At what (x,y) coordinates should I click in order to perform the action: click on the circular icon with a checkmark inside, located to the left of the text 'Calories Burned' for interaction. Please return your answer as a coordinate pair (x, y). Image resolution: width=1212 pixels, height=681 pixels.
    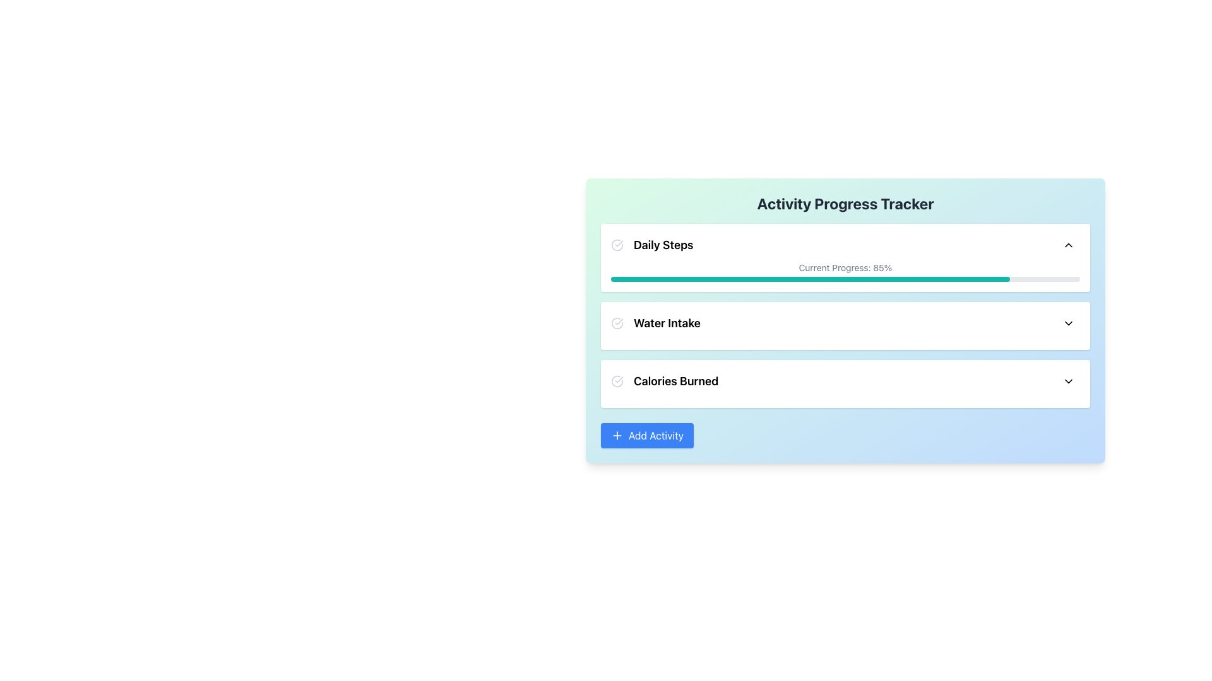
    Looking at the image, I should click on (617, 381).